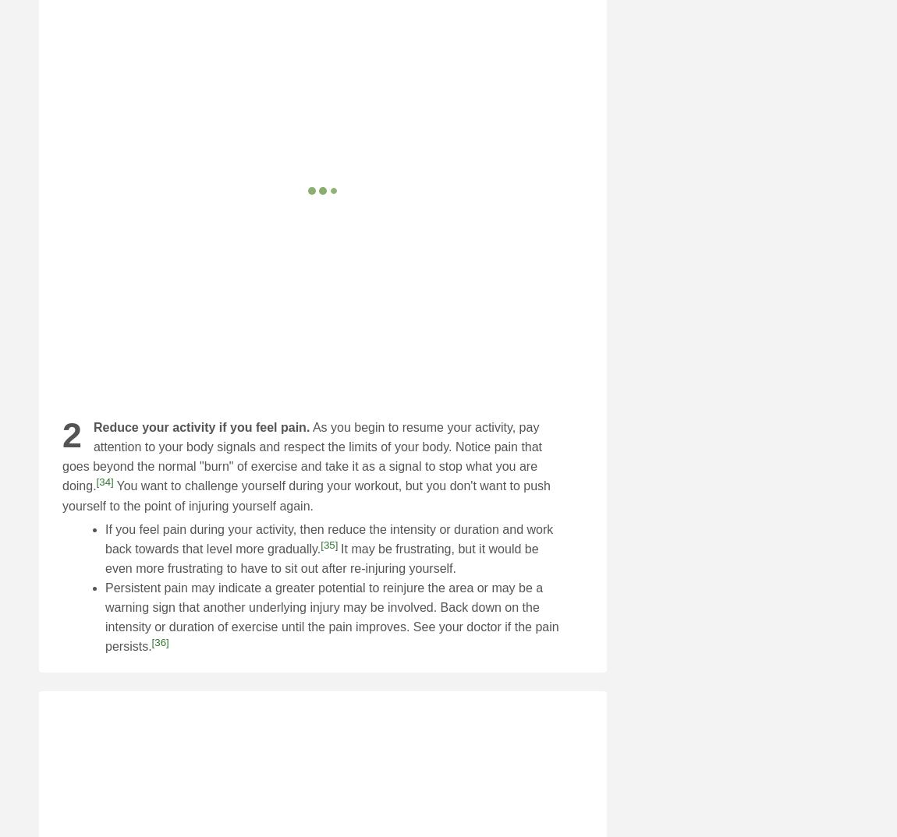  What do you see at coordinates (71, 434) in the screenshot?
I see `'2'` at bounding box center [71, 434].